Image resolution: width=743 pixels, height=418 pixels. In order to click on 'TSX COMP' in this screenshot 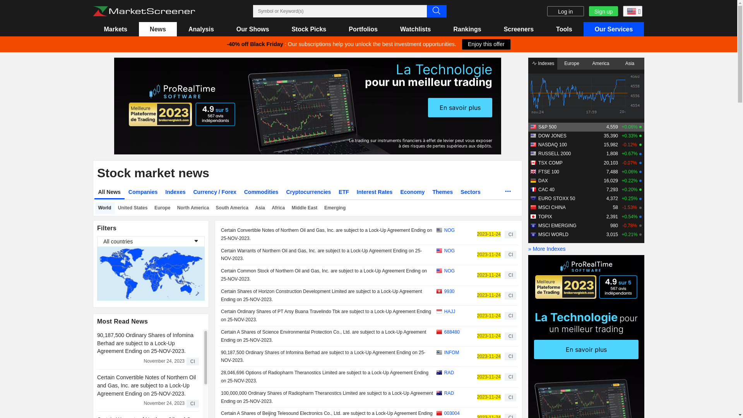, I will do `click(550, 162)`.